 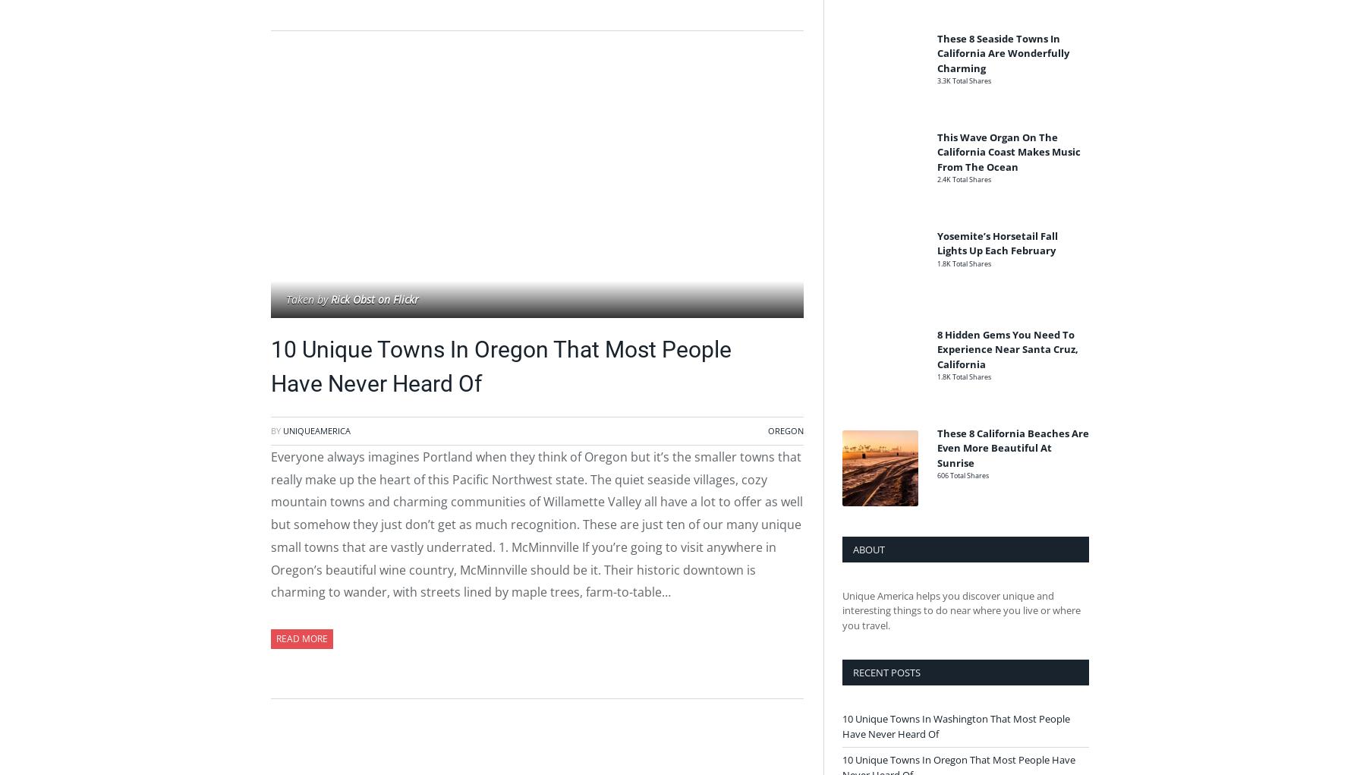 I want to click on 'Read More', so click(x=302, y=638).